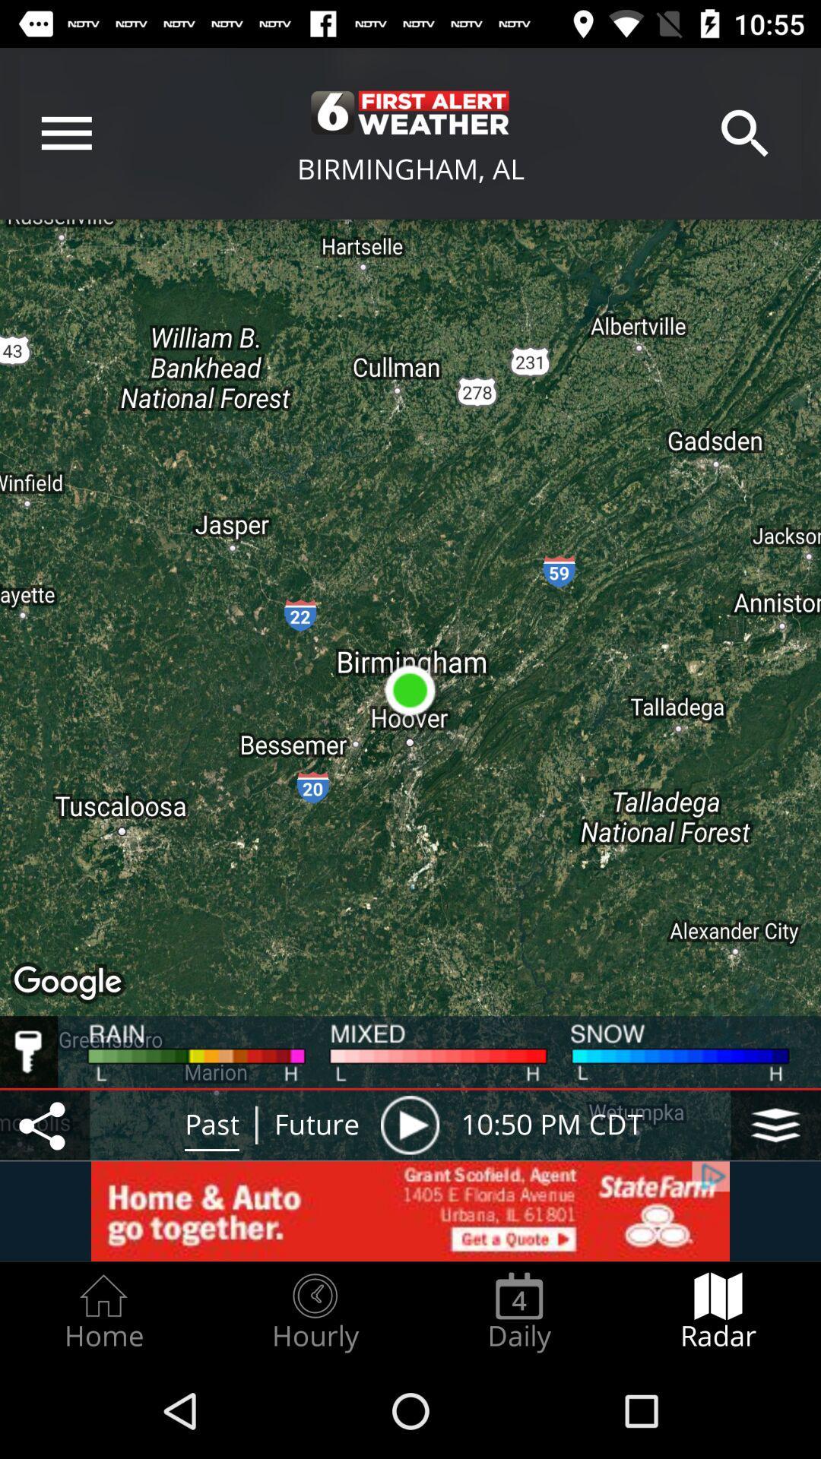 This screenshot has height=1459, width=821. I want to click on item next to the daily icon, so click(314, 1312).